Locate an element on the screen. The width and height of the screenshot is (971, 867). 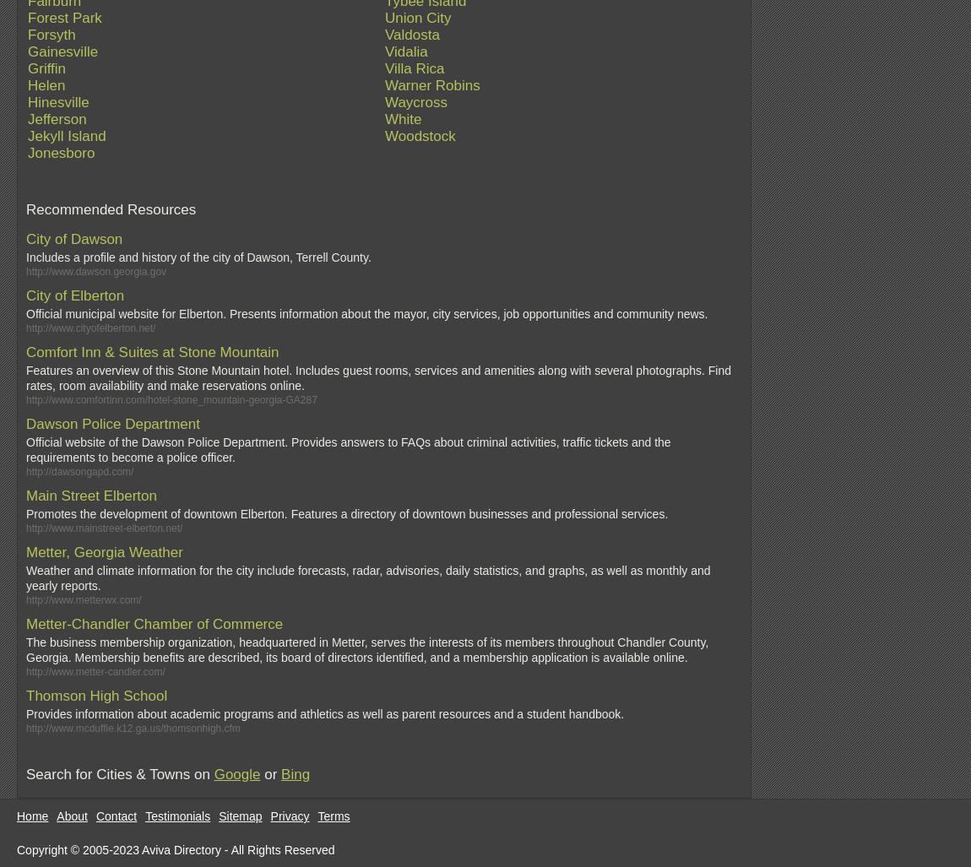
'Hinesville' is located at coordinates (57, 102).